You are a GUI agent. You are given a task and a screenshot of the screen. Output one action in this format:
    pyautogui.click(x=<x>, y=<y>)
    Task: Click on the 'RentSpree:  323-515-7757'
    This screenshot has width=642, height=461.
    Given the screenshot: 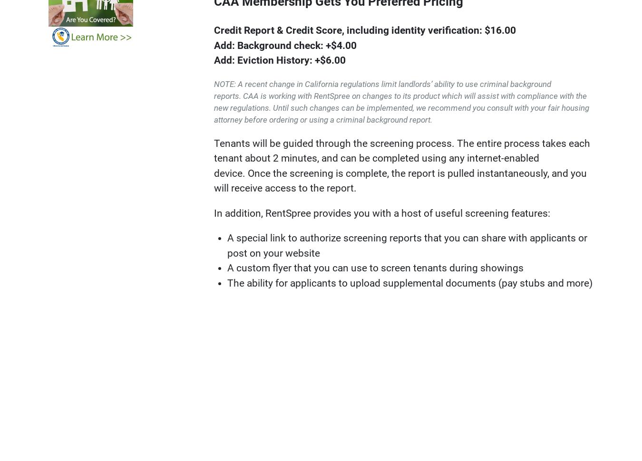 What is the action you would take?
    pyautogui.click(x=272, y=176)
    